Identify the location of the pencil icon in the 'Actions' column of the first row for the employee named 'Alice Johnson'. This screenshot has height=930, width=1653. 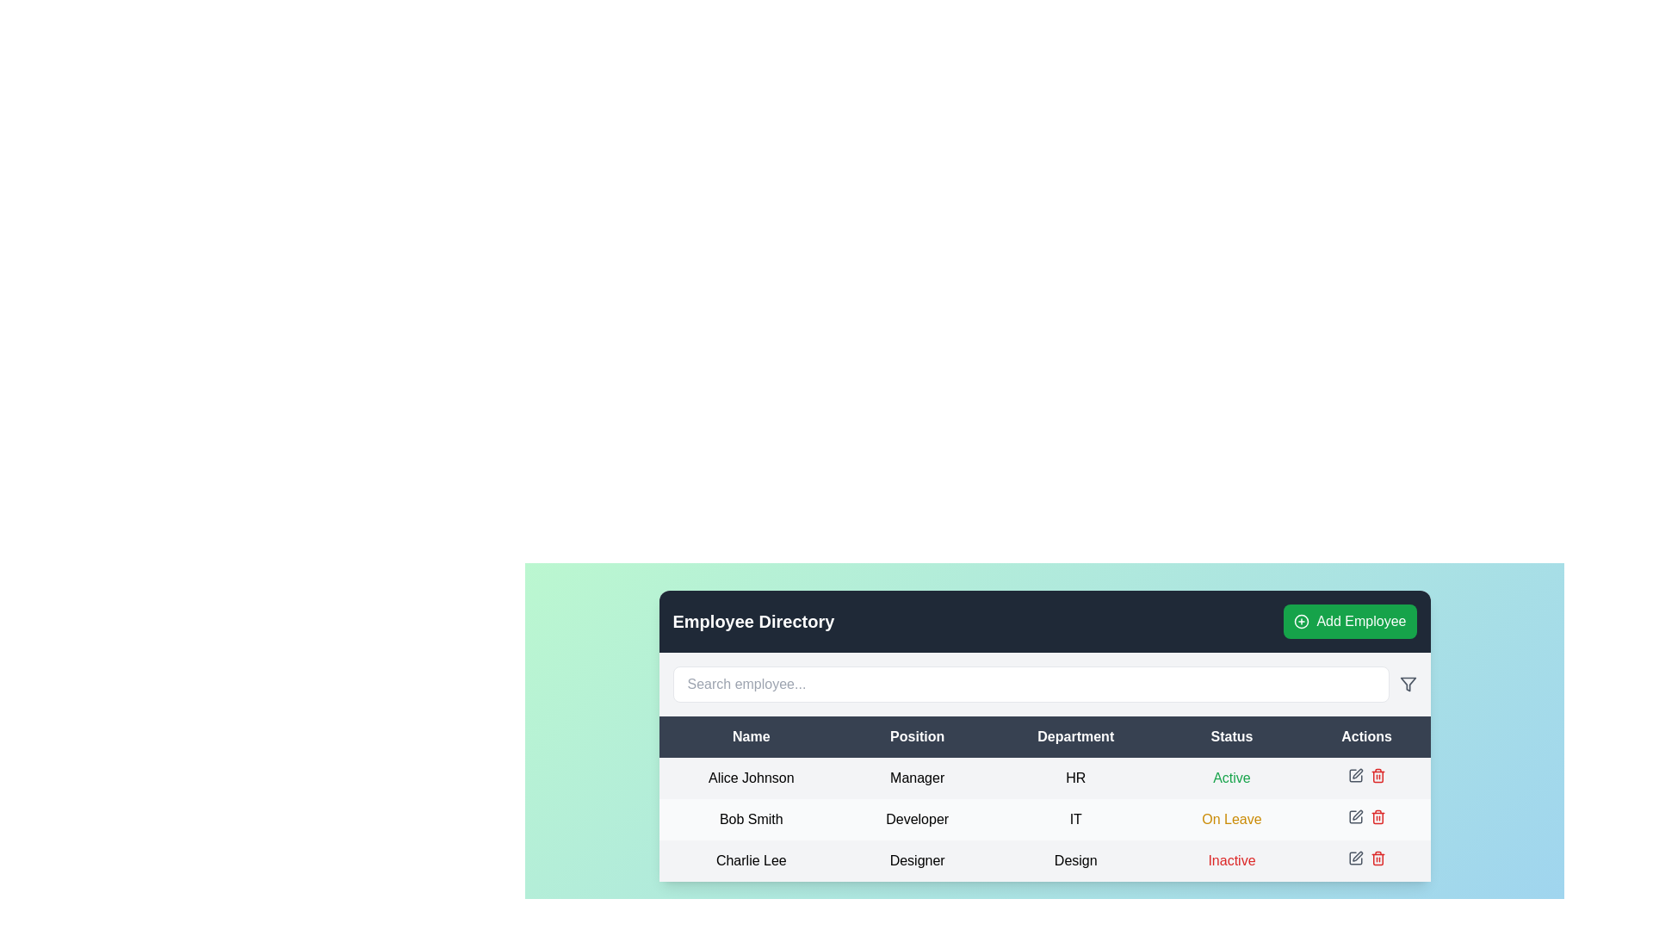
(1365, 776).